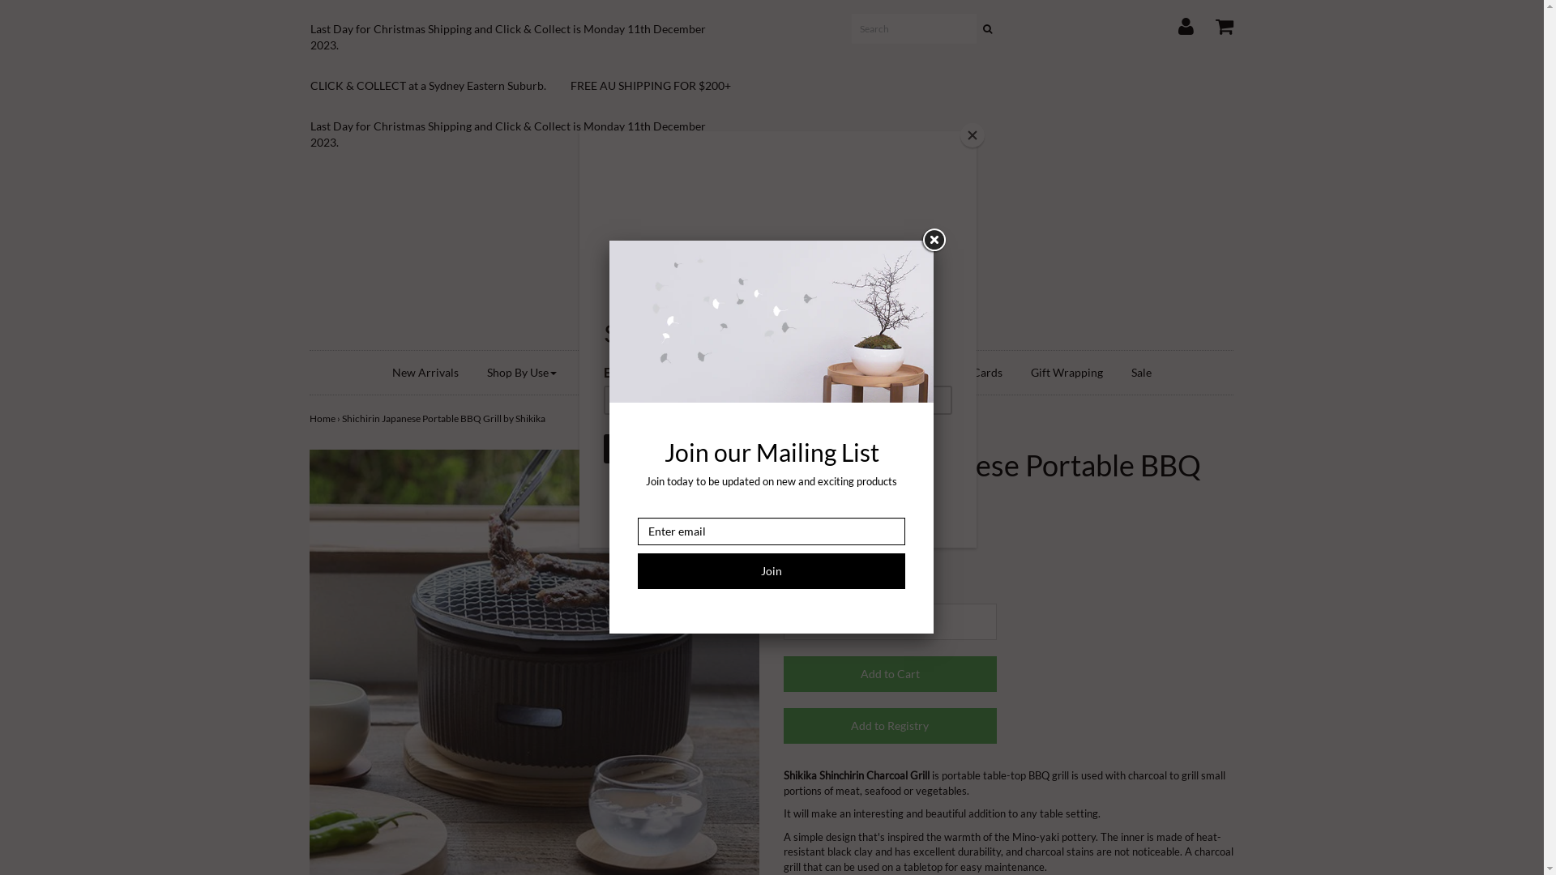  What do you see at coordinates (809, 372) in the screenshot?
I see `'Incense'` at bounding box center [809, 372].